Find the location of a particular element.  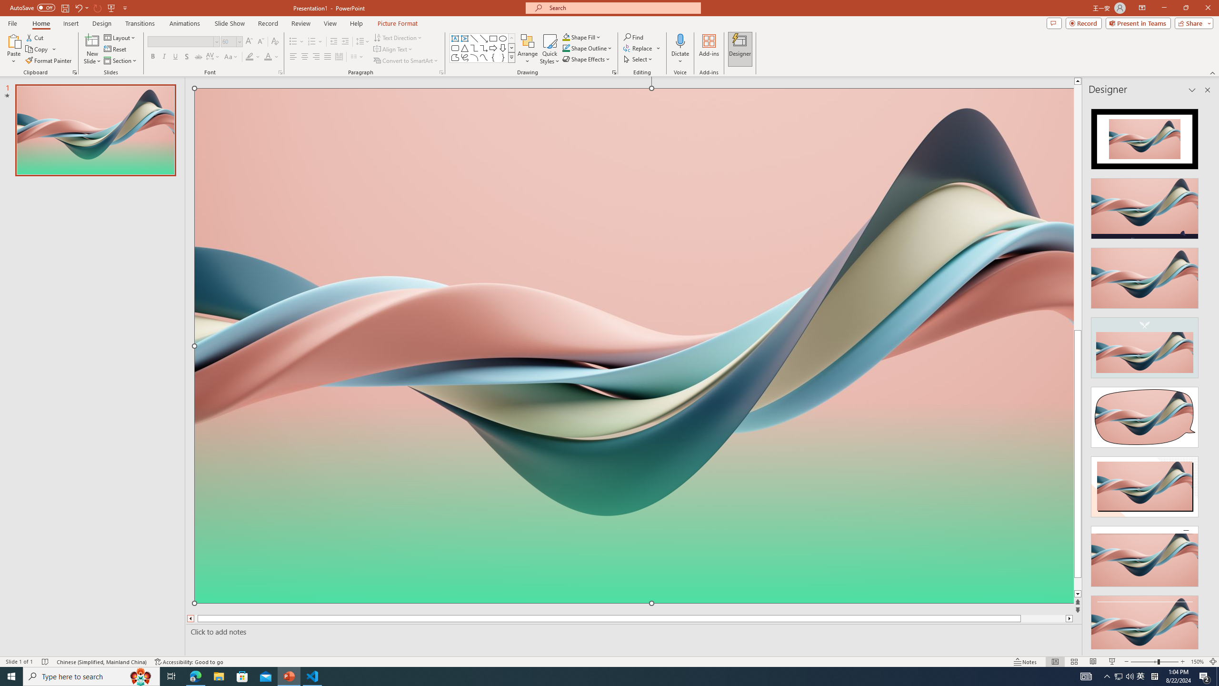

'Recommended Design: Design Idea' is located at coordinates (1144, 135).